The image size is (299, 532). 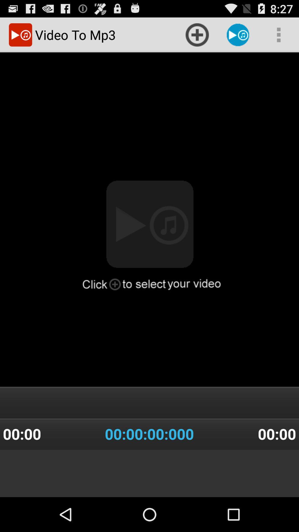 I want to click on the icon next to plus, so click(x=238, y=34).